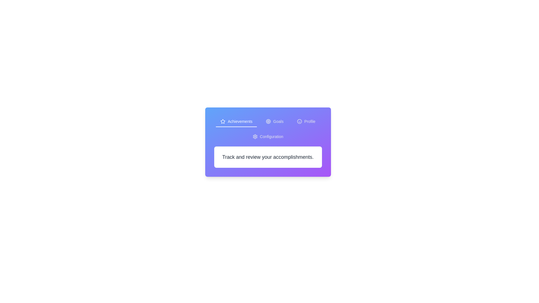 This screenshot has width=539, height=303. What do you see at coordinates (268, 137) in the screenshot?
I see `the Configuration tab` at bounding box center [268, 137].